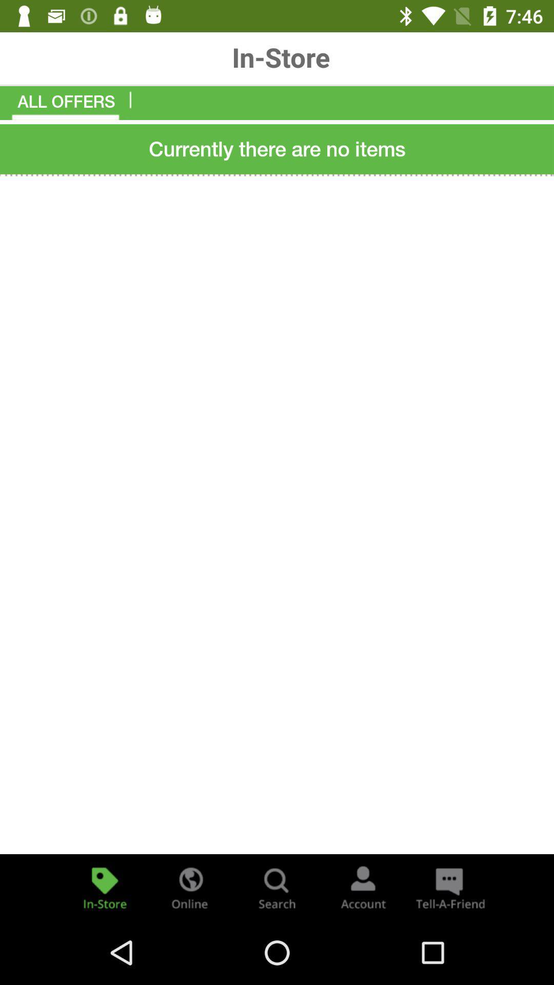 This screenshot has height=985, width=554. Describe the element at coordinates (105, 887) in the screenshot. I see `show in-store offers` at that location.